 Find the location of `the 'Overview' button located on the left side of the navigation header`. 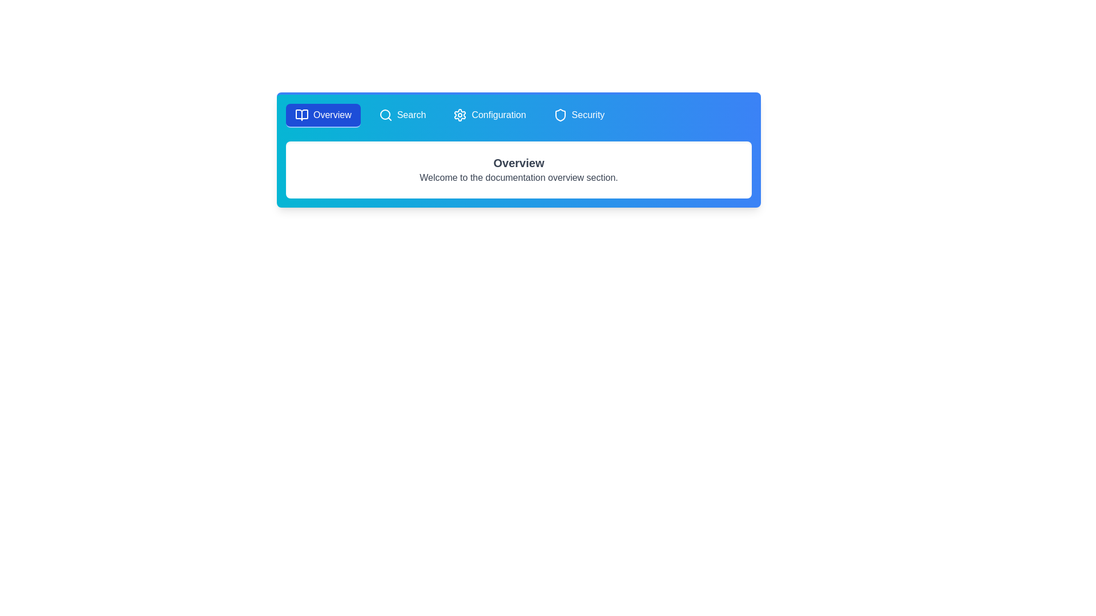

the 'Overview' button located on the left side of the navigation header is located at coordinates (323, 116).